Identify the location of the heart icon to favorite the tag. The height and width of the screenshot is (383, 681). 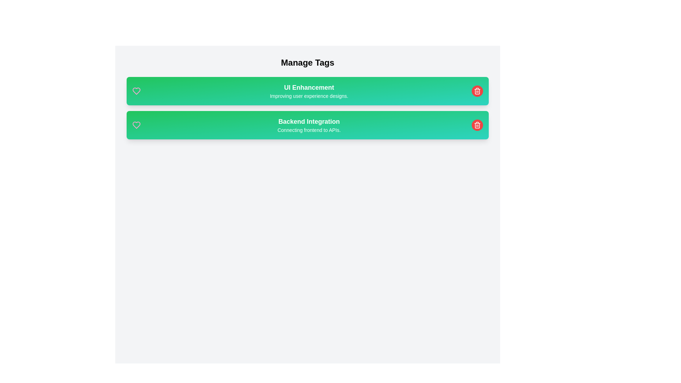
(136, 91).